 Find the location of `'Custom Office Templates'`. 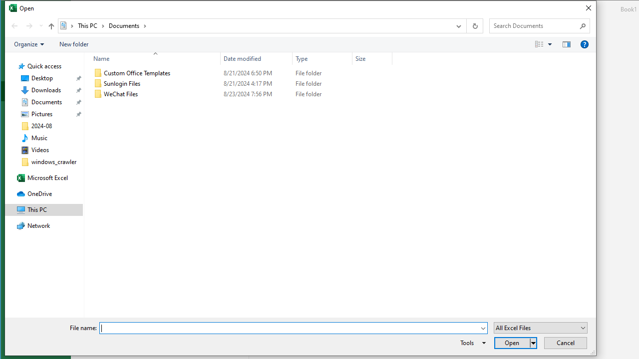

'Custom Office Templates' is located at coordinates (241, 72).